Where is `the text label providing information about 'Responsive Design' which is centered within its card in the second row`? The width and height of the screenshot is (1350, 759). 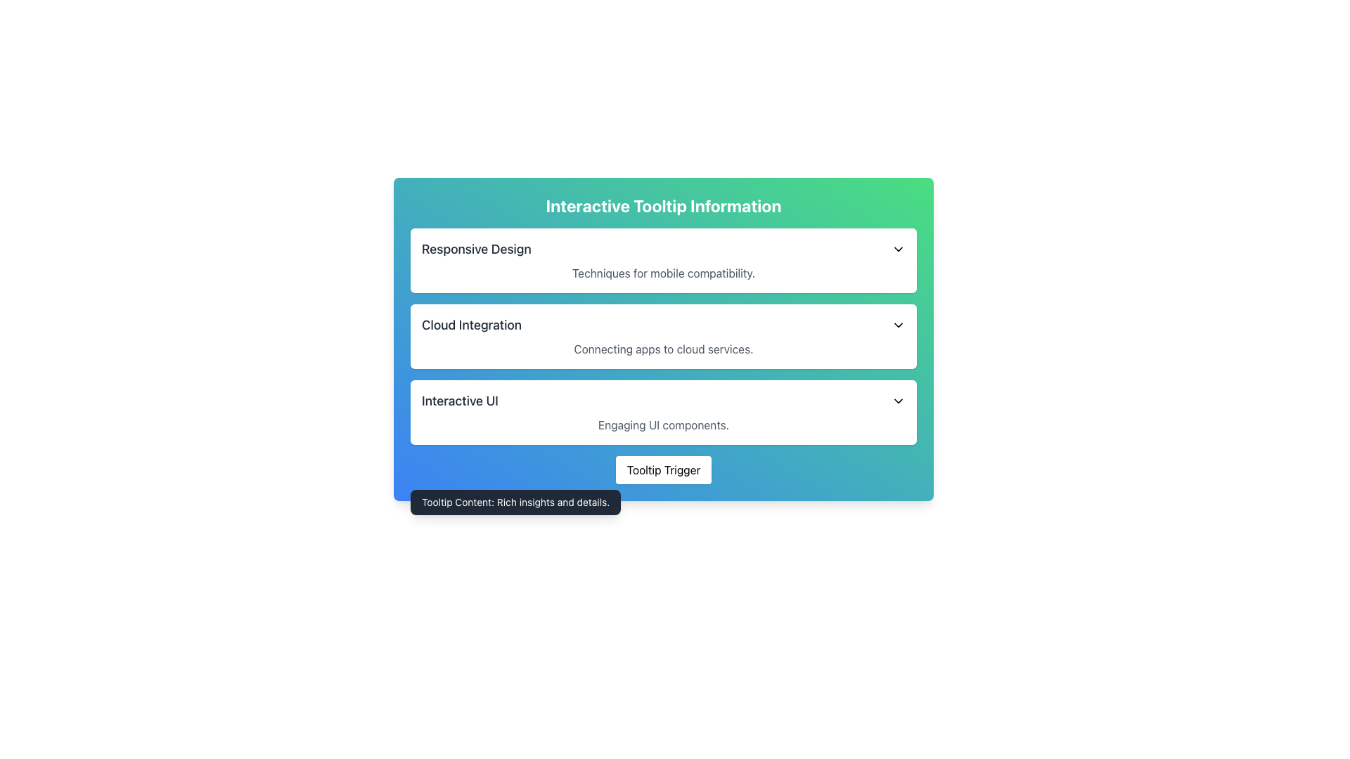
the text label providing information about 'Responsive Design' which is centered within its card in the second row is located at coordinates (663, 273).